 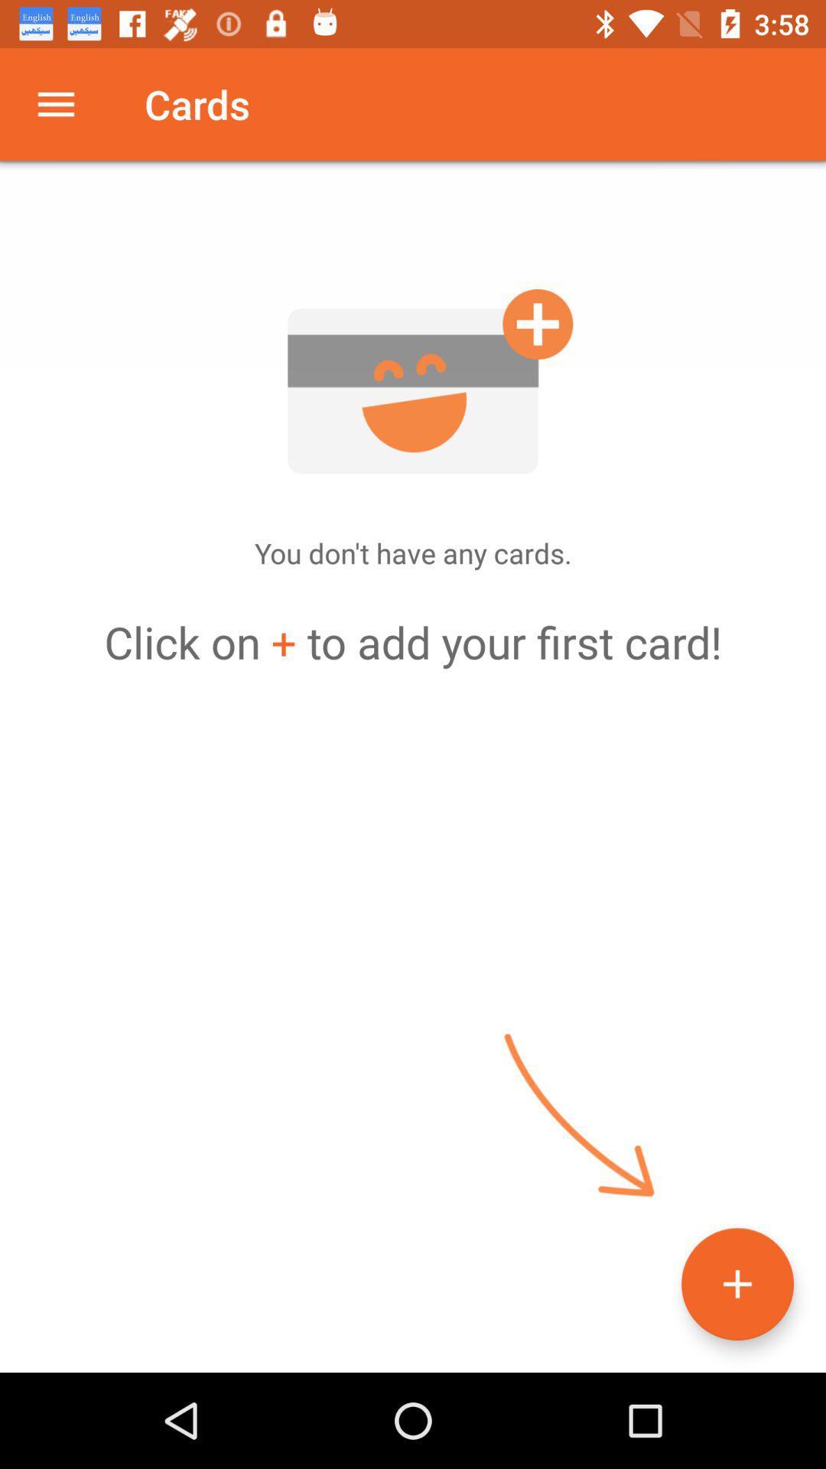 I want to click on a card, so click(x=413, y=381).